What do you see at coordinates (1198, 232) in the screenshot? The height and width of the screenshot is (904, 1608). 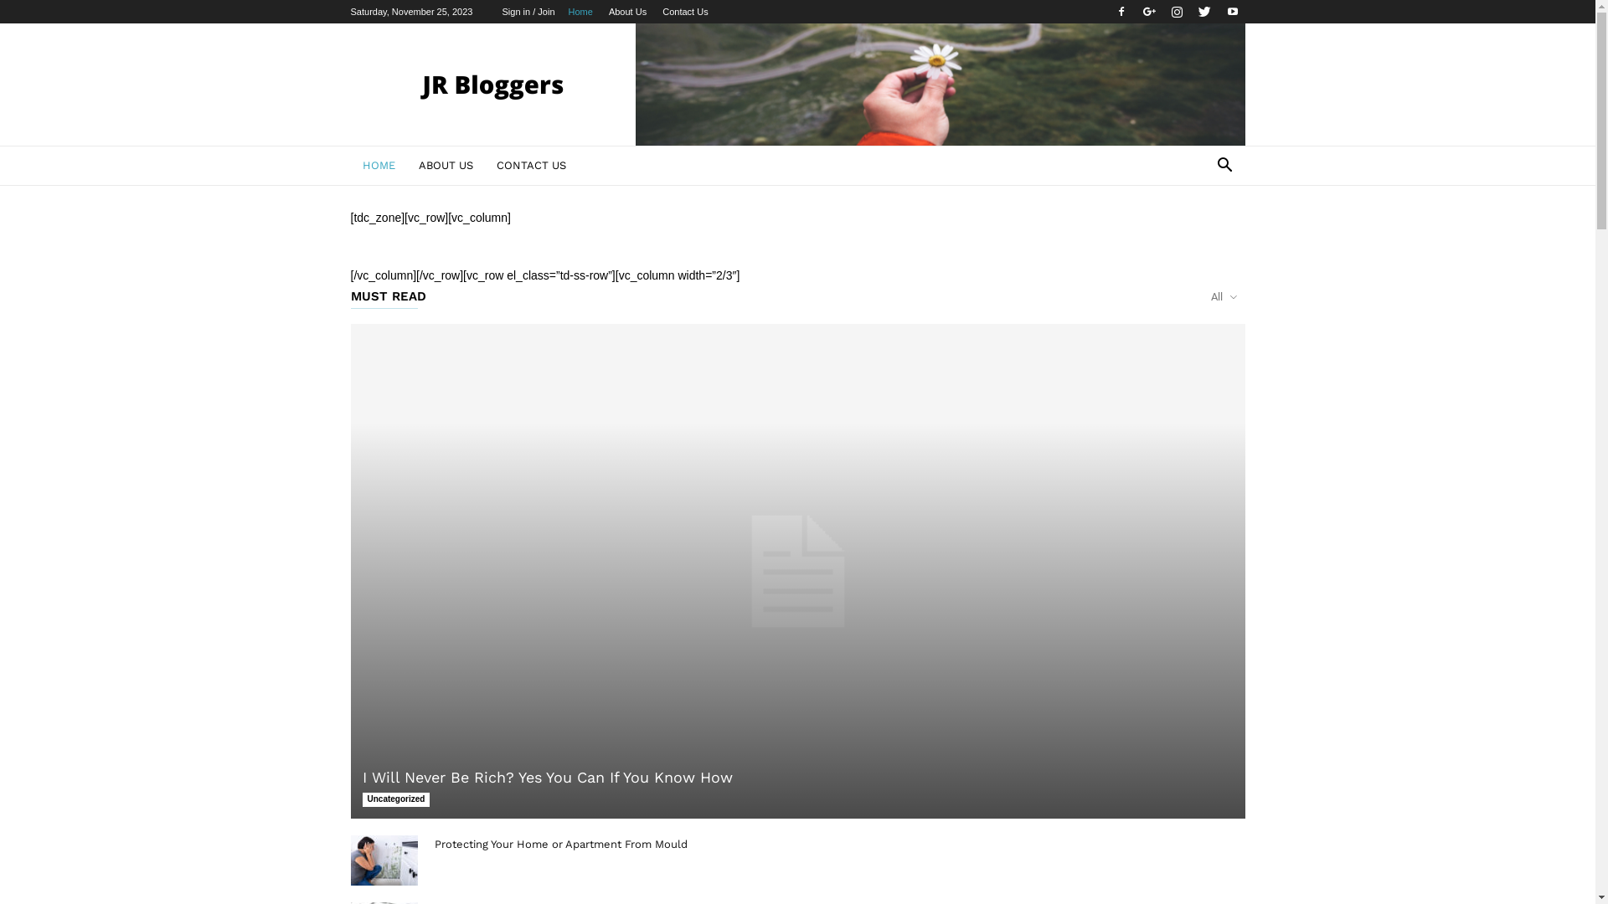 I see `'Search'` at bounding box center [1198, 232].